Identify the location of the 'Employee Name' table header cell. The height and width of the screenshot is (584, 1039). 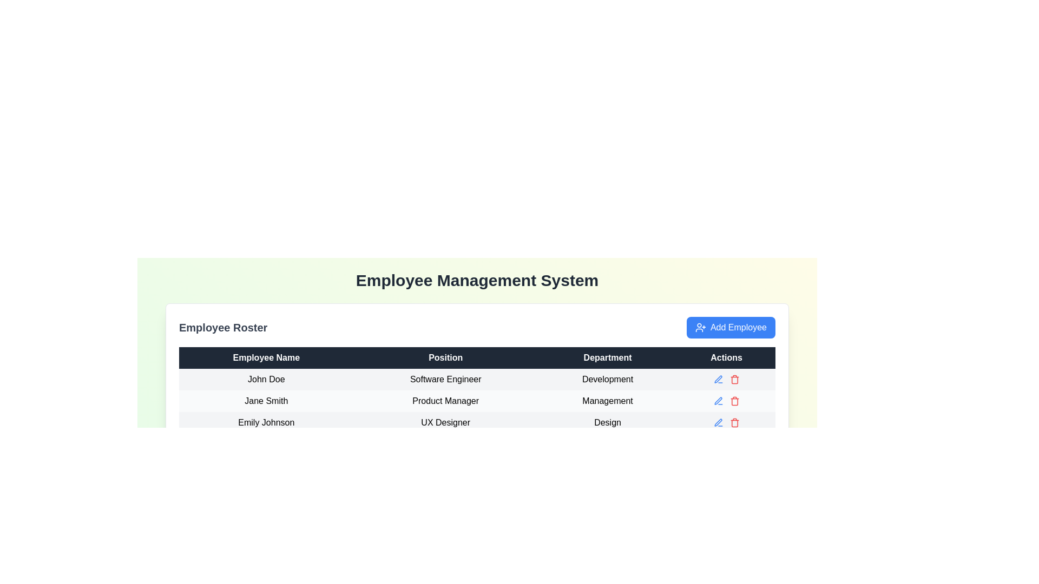
(266, 358).